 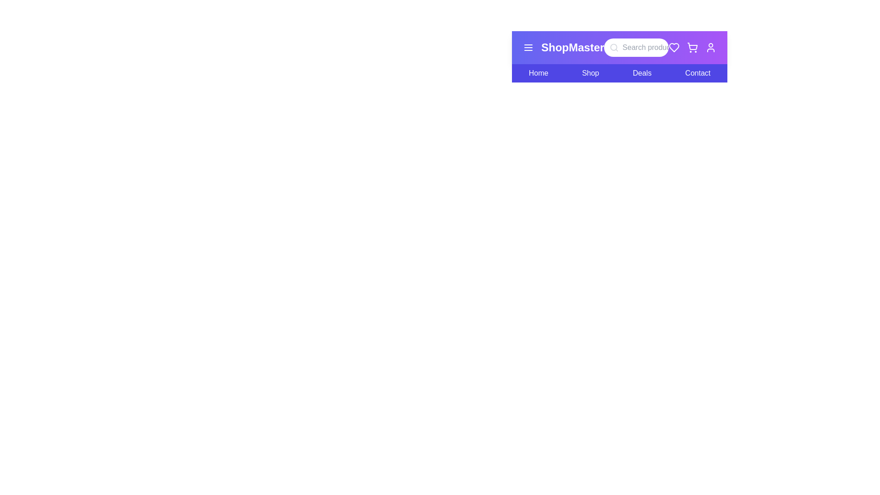 I want to click on the Deals menu item in the navigation bar, so click(x=642, y=72).